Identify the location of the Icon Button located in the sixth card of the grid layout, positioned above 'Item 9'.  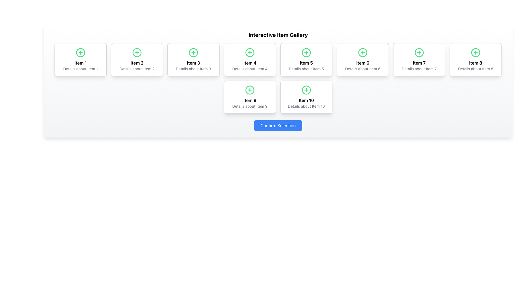
(250, 90).